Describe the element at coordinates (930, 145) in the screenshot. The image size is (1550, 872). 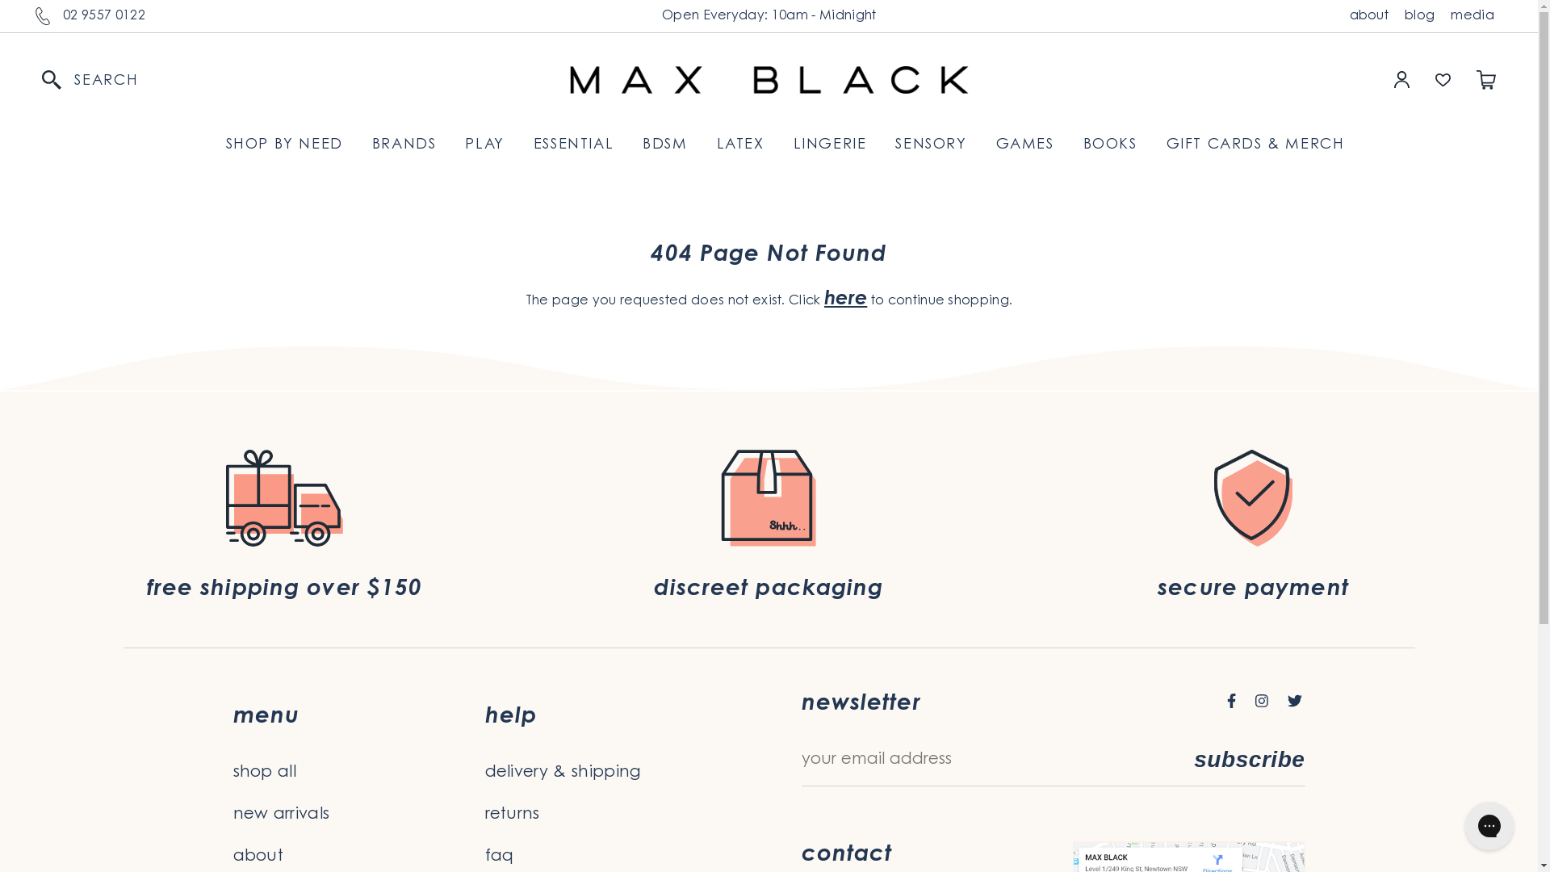
I see `'SENSORY'` at that location.